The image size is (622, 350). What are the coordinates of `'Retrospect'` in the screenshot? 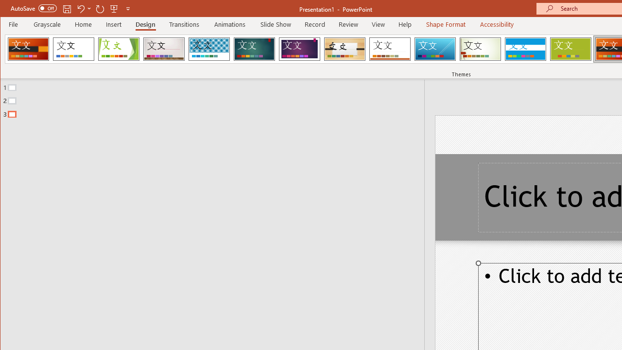 It's located at (390, 49).